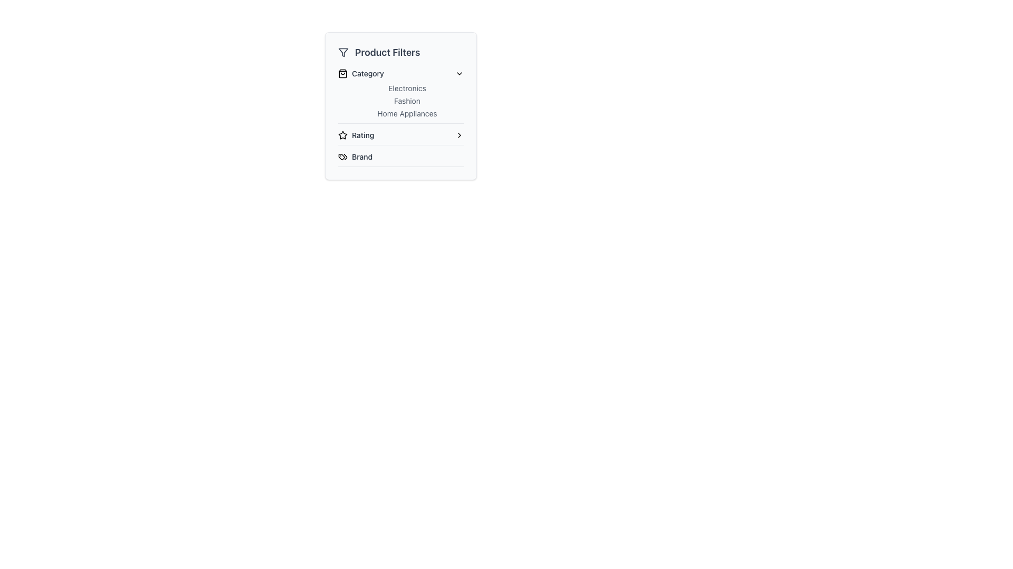 Image resolution: width=1013 pixels, height=569 pixels. I want to click on the rating filter label and icon combination located in the 'Product Filters' section, positioned beneath 'Category' and above 'Brand', so click(356, 135).